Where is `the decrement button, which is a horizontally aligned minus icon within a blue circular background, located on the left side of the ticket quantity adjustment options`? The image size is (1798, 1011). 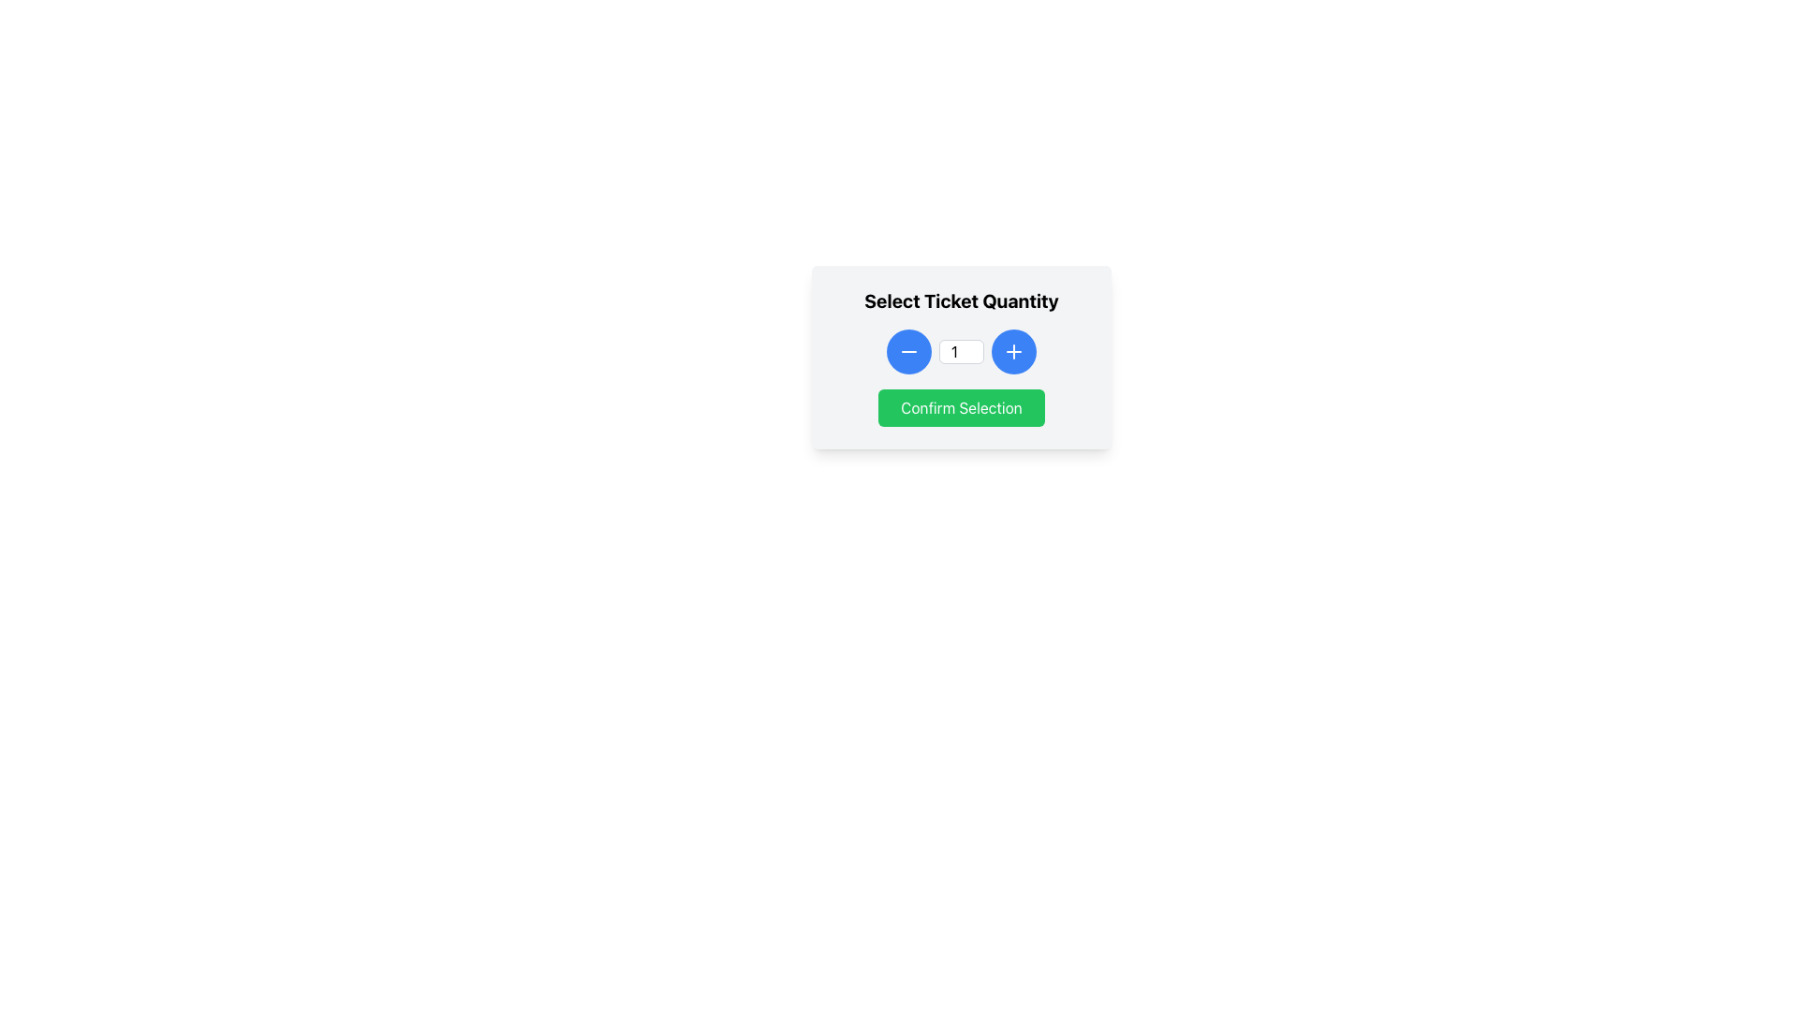 the decrement button, which is a horizontally aligned minus icon within a blue circular background, located on the left side of the ticket quantity adjustment options is located at coordinates (908, 351).